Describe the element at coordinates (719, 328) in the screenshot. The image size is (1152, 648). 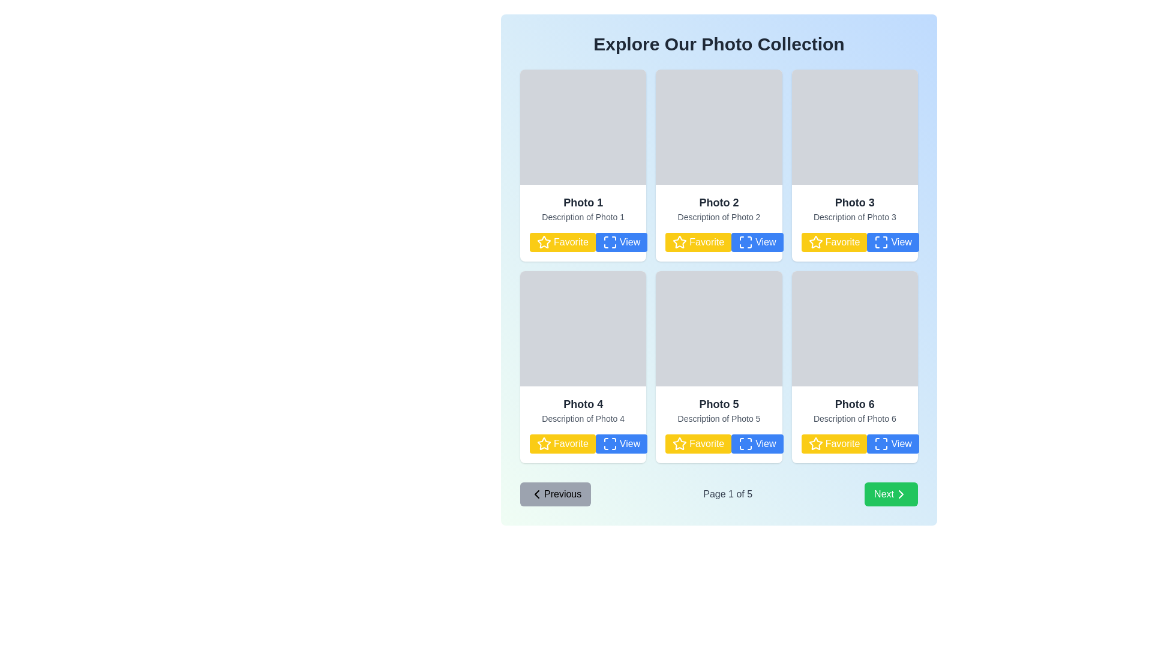
I see `the image placeholder element located in the upper section of the card labeled 'Photo 5', which has a gray background and rounded corners` at that location.